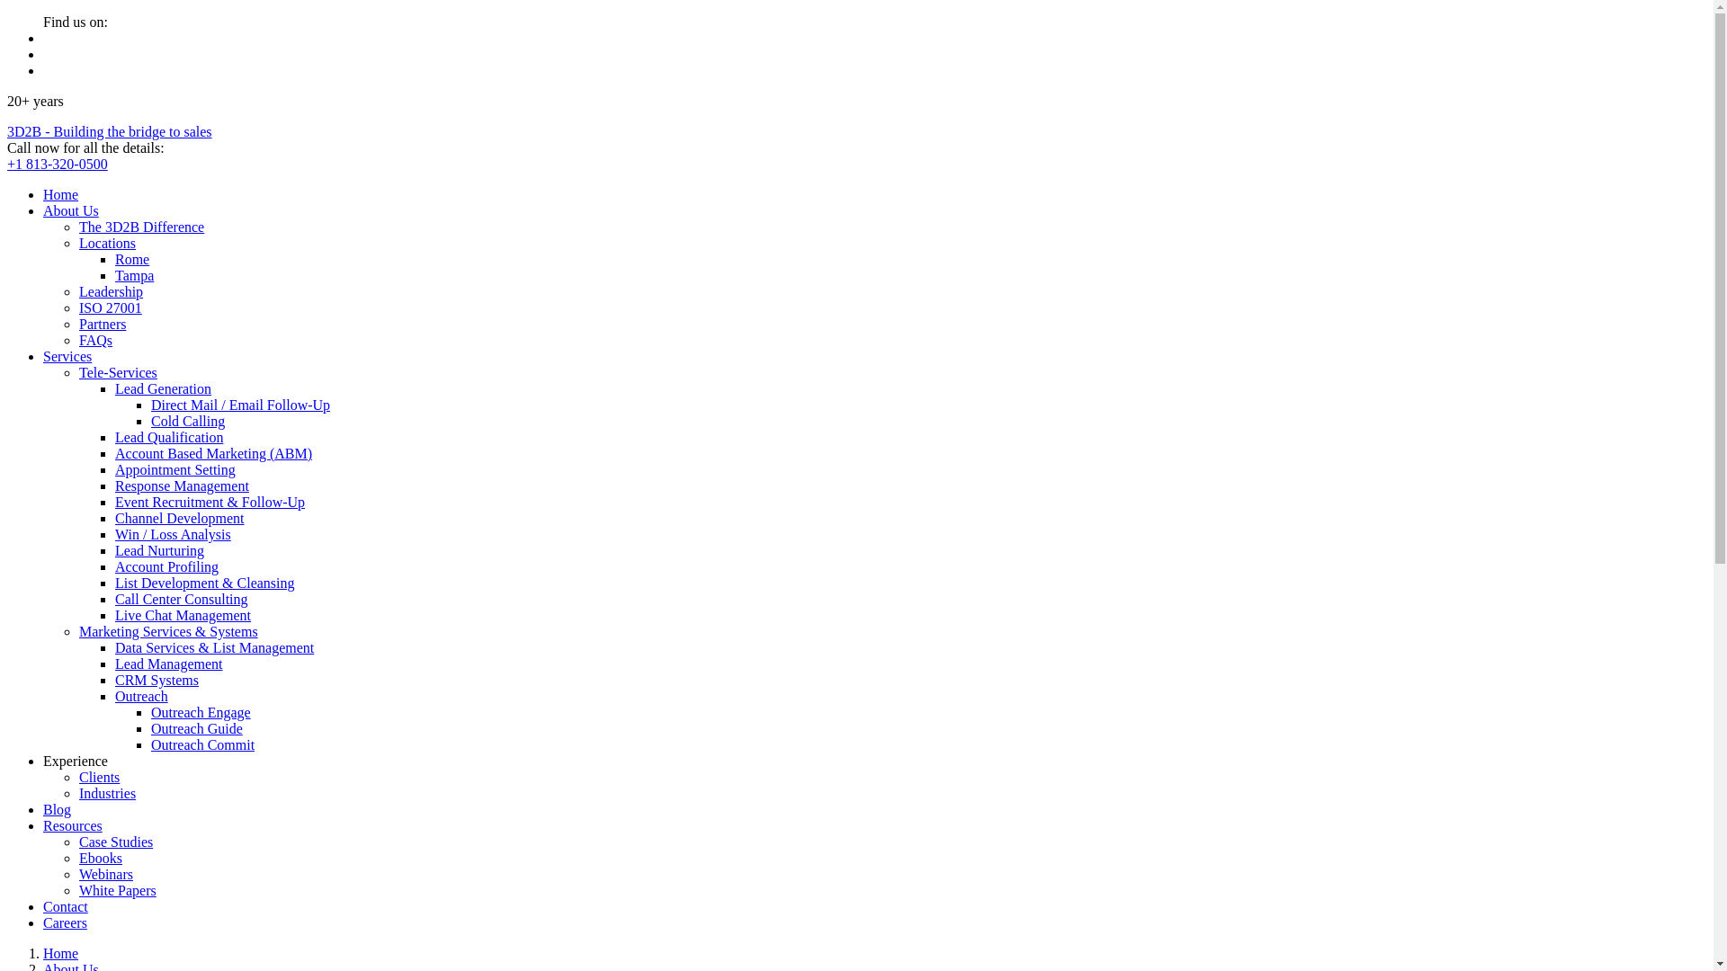 Image resolution: width=1727 pixels, height=971 pixels. I want to click on 'CRM Systems', so click(157, 680).